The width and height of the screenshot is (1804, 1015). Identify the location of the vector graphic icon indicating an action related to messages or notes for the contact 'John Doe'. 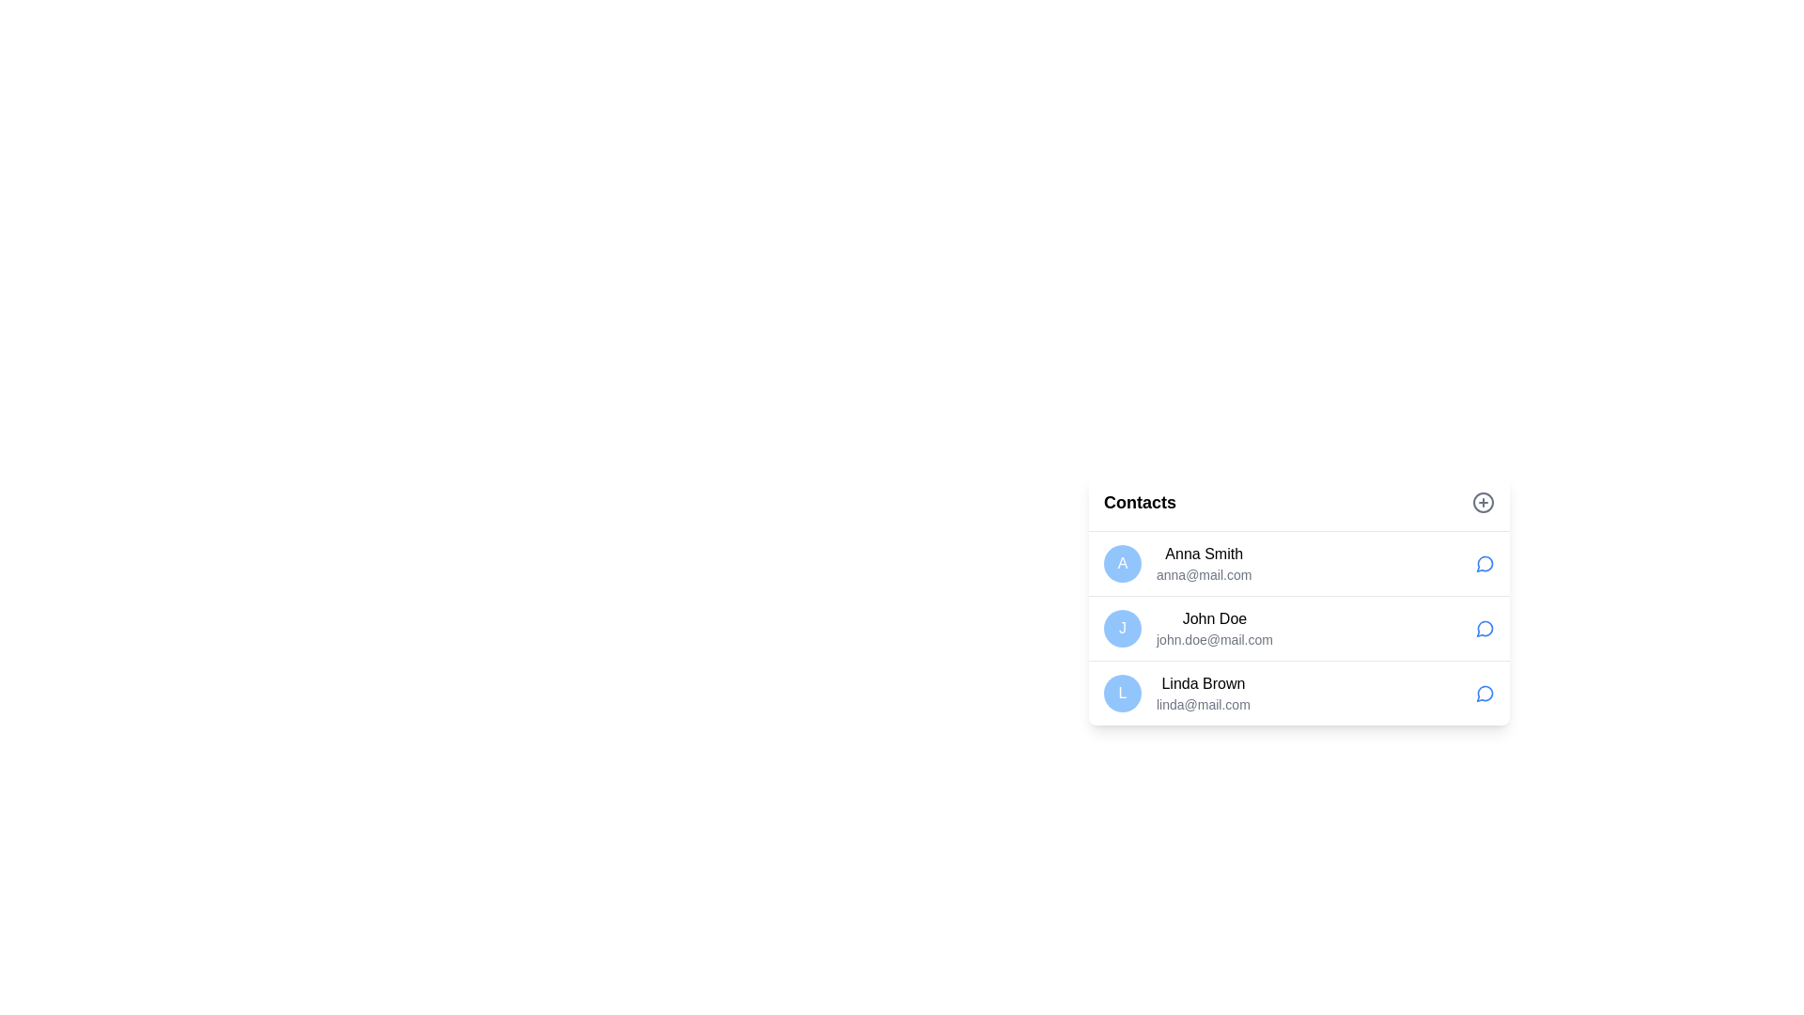
(1484, 629).